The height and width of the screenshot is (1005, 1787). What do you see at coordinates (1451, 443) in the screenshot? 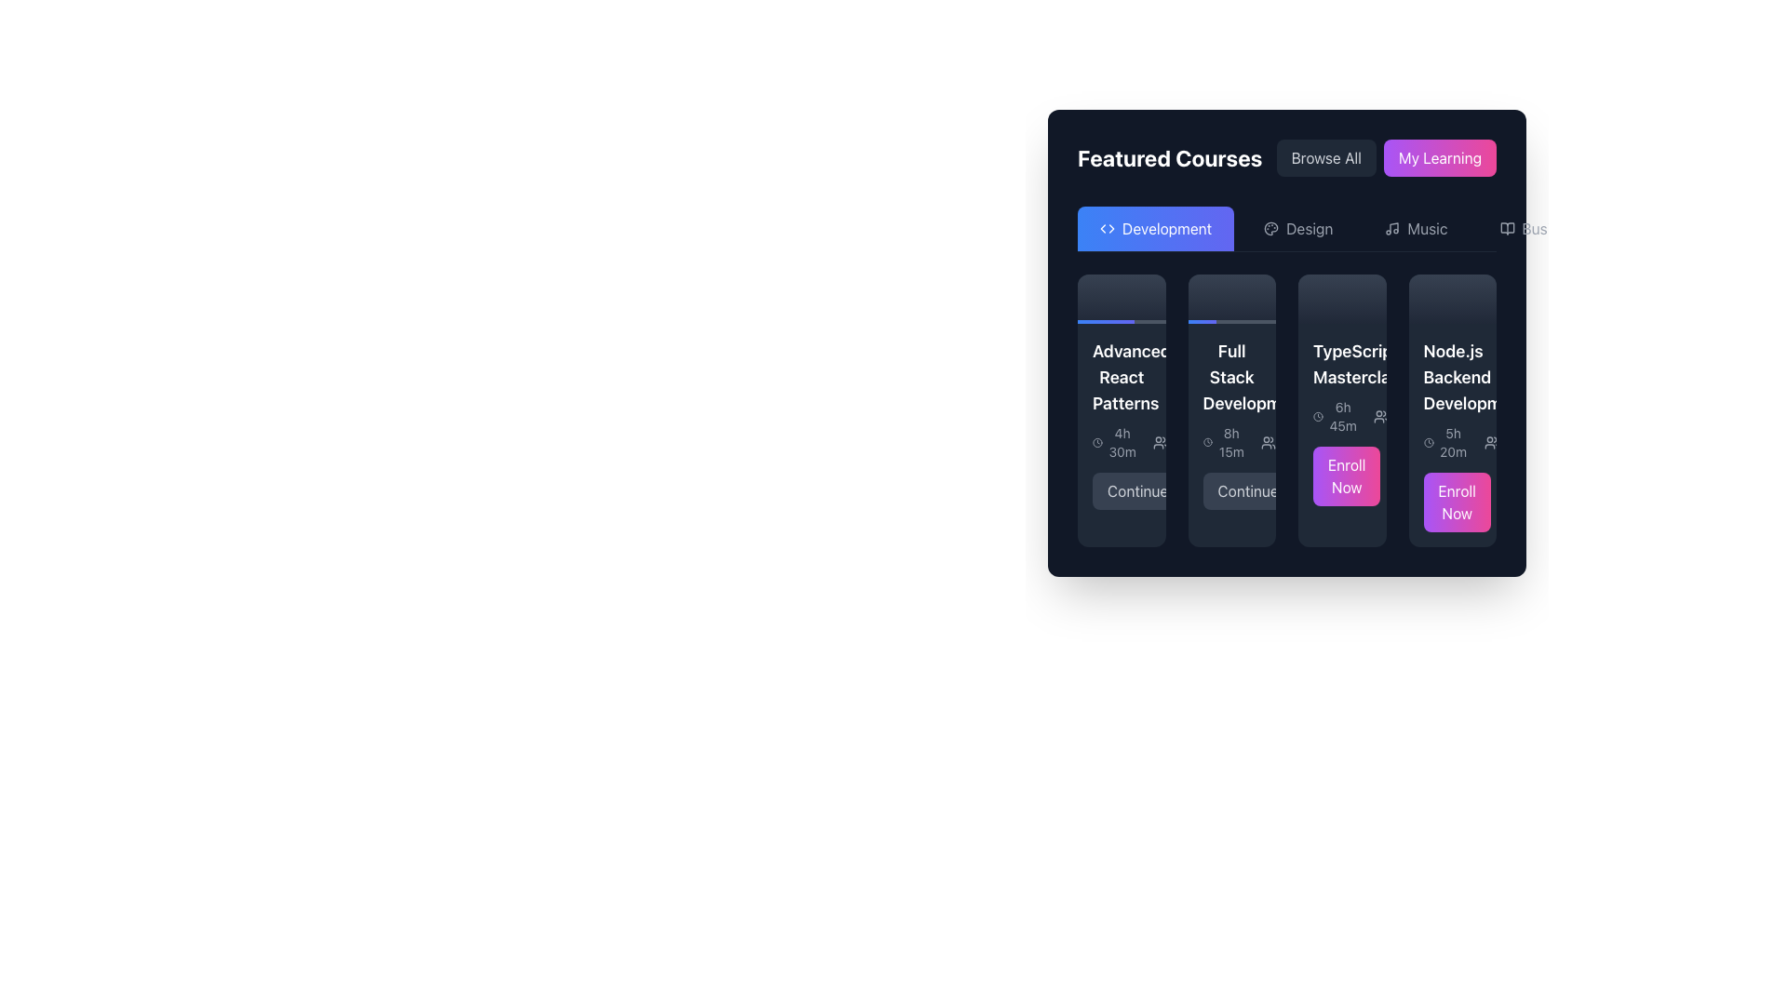
I see `the Text and Icon Group that displays the course duration for 'Node.js Backend Development', located above the 'Enroll Now' button` at bounding box center [1451, 443].